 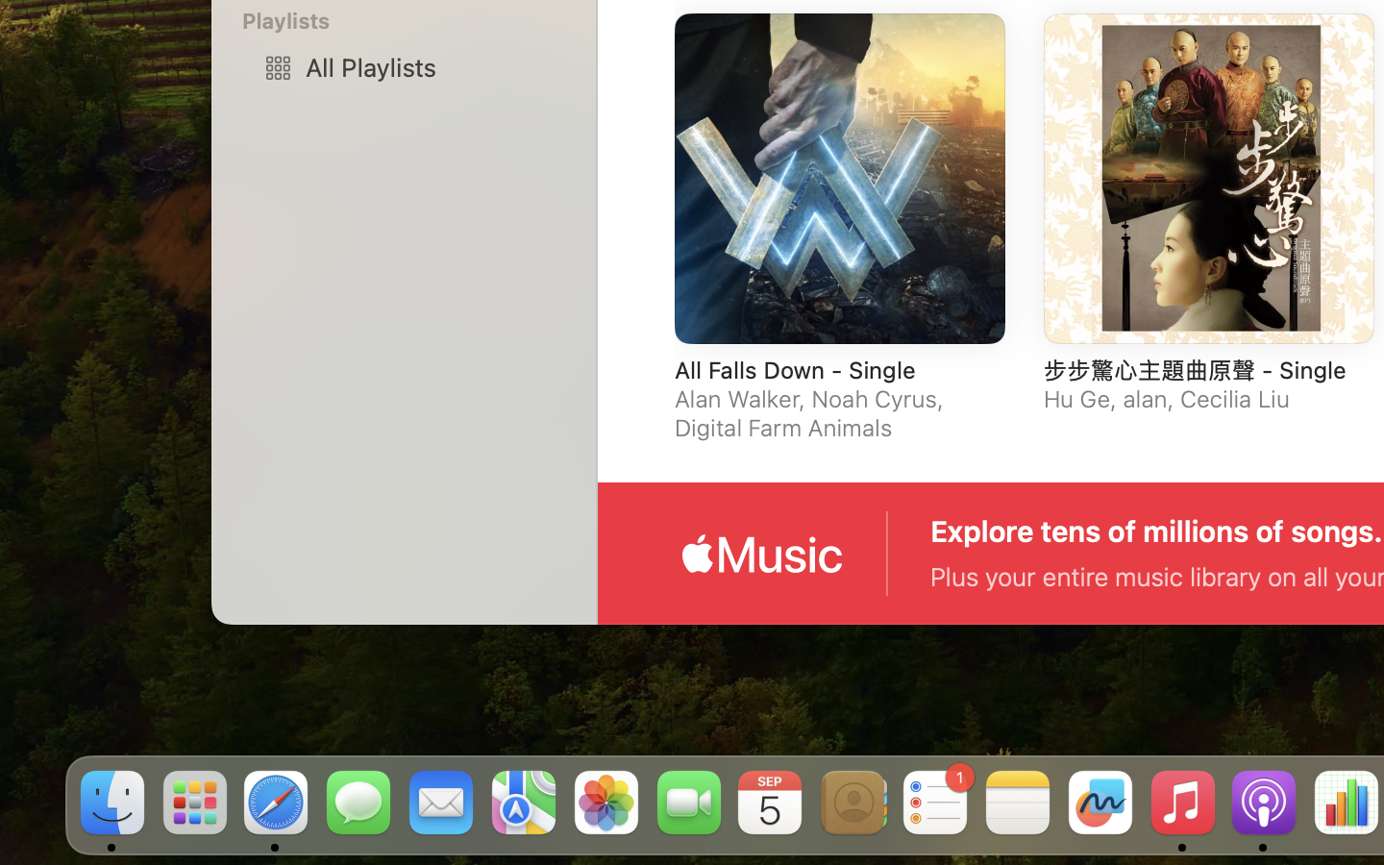 I want to click on 'Playlists', so click(x=415, y=19).